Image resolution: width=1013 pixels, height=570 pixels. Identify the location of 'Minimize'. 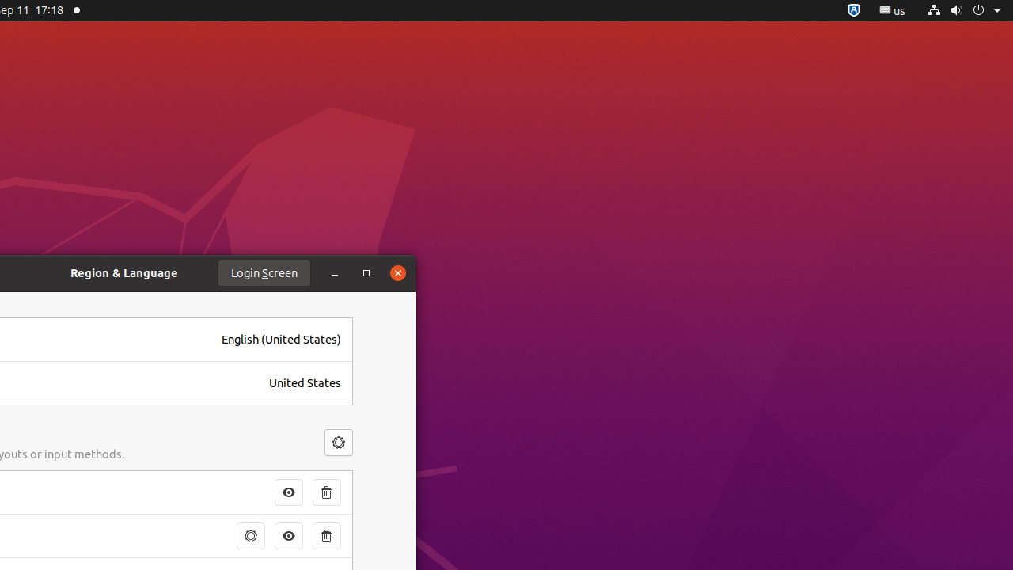
(334, 272).